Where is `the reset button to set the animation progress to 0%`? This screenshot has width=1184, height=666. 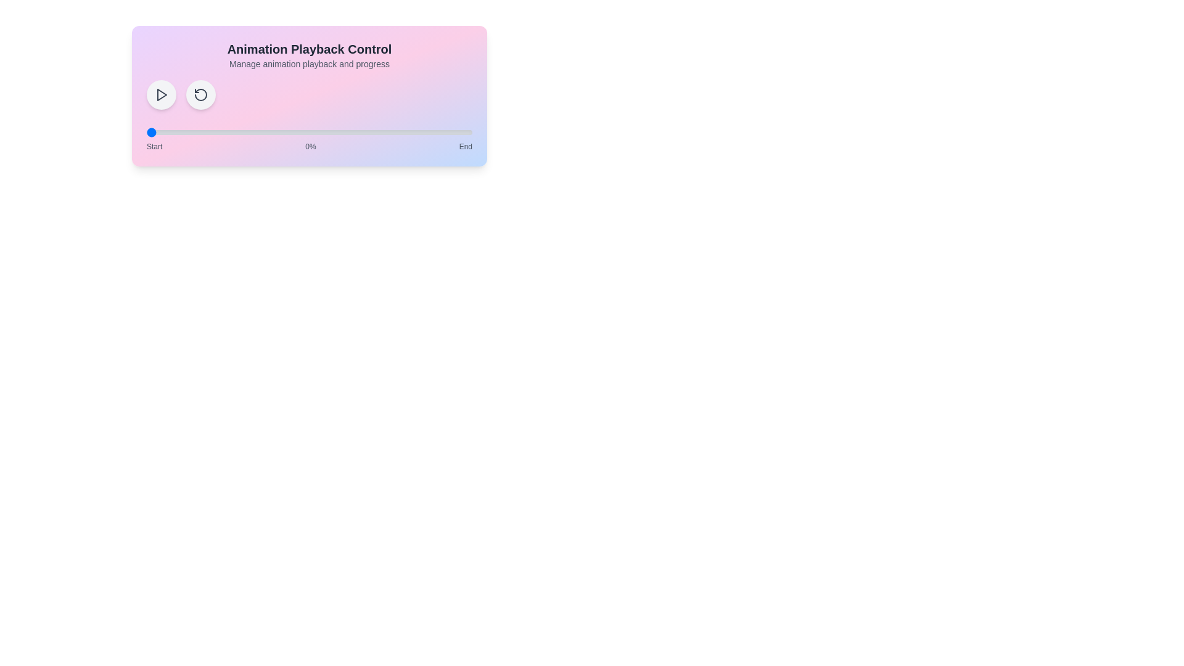
the reset button to set the animation progress to 0% is located at coordinates (201, 94).